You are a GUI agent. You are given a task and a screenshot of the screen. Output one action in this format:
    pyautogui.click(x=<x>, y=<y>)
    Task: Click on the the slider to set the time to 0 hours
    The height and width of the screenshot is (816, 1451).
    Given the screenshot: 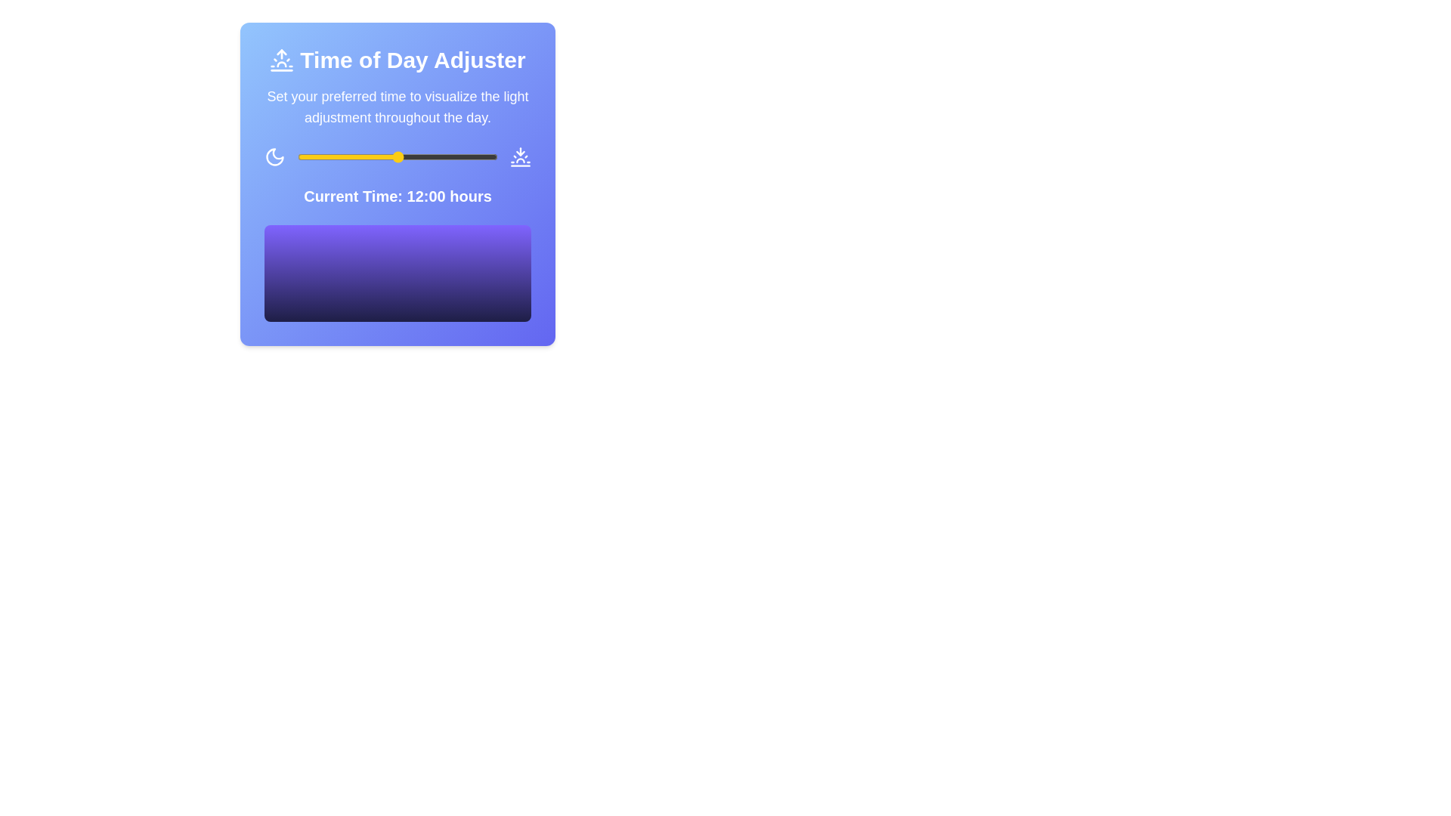 What is the action you would take?
    pyautogui.click(x=297, y=157)
    